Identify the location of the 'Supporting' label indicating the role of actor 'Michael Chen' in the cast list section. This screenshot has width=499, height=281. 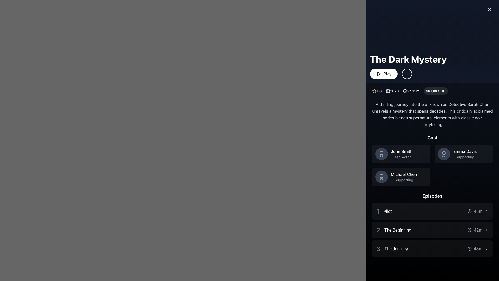
(404, 180).